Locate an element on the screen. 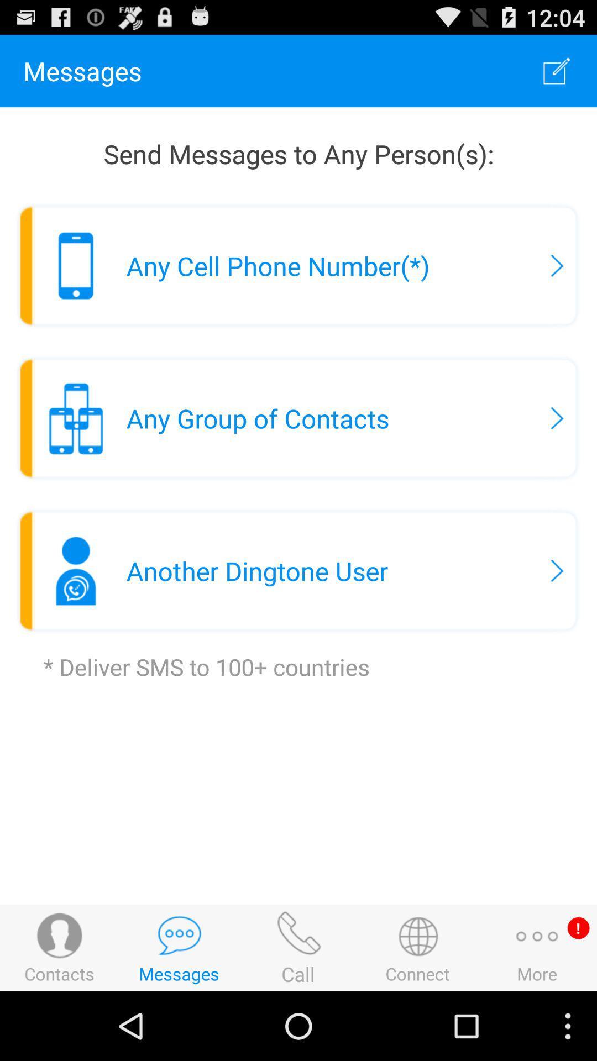 This screenshot has width=597, height=1061. the icon above send messages to item is located at coordinates (557, 70).